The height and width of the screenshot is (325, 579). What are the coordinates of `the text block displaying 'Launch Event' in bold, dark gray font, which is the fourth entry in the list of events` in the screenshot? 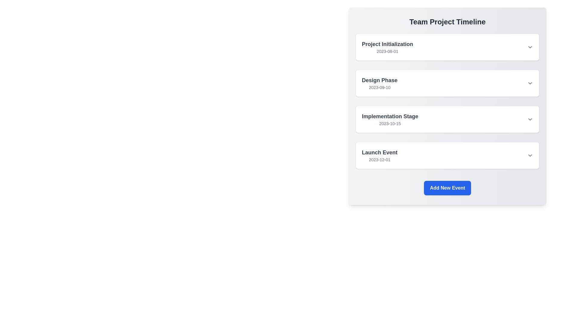 It's located at (379, 155).